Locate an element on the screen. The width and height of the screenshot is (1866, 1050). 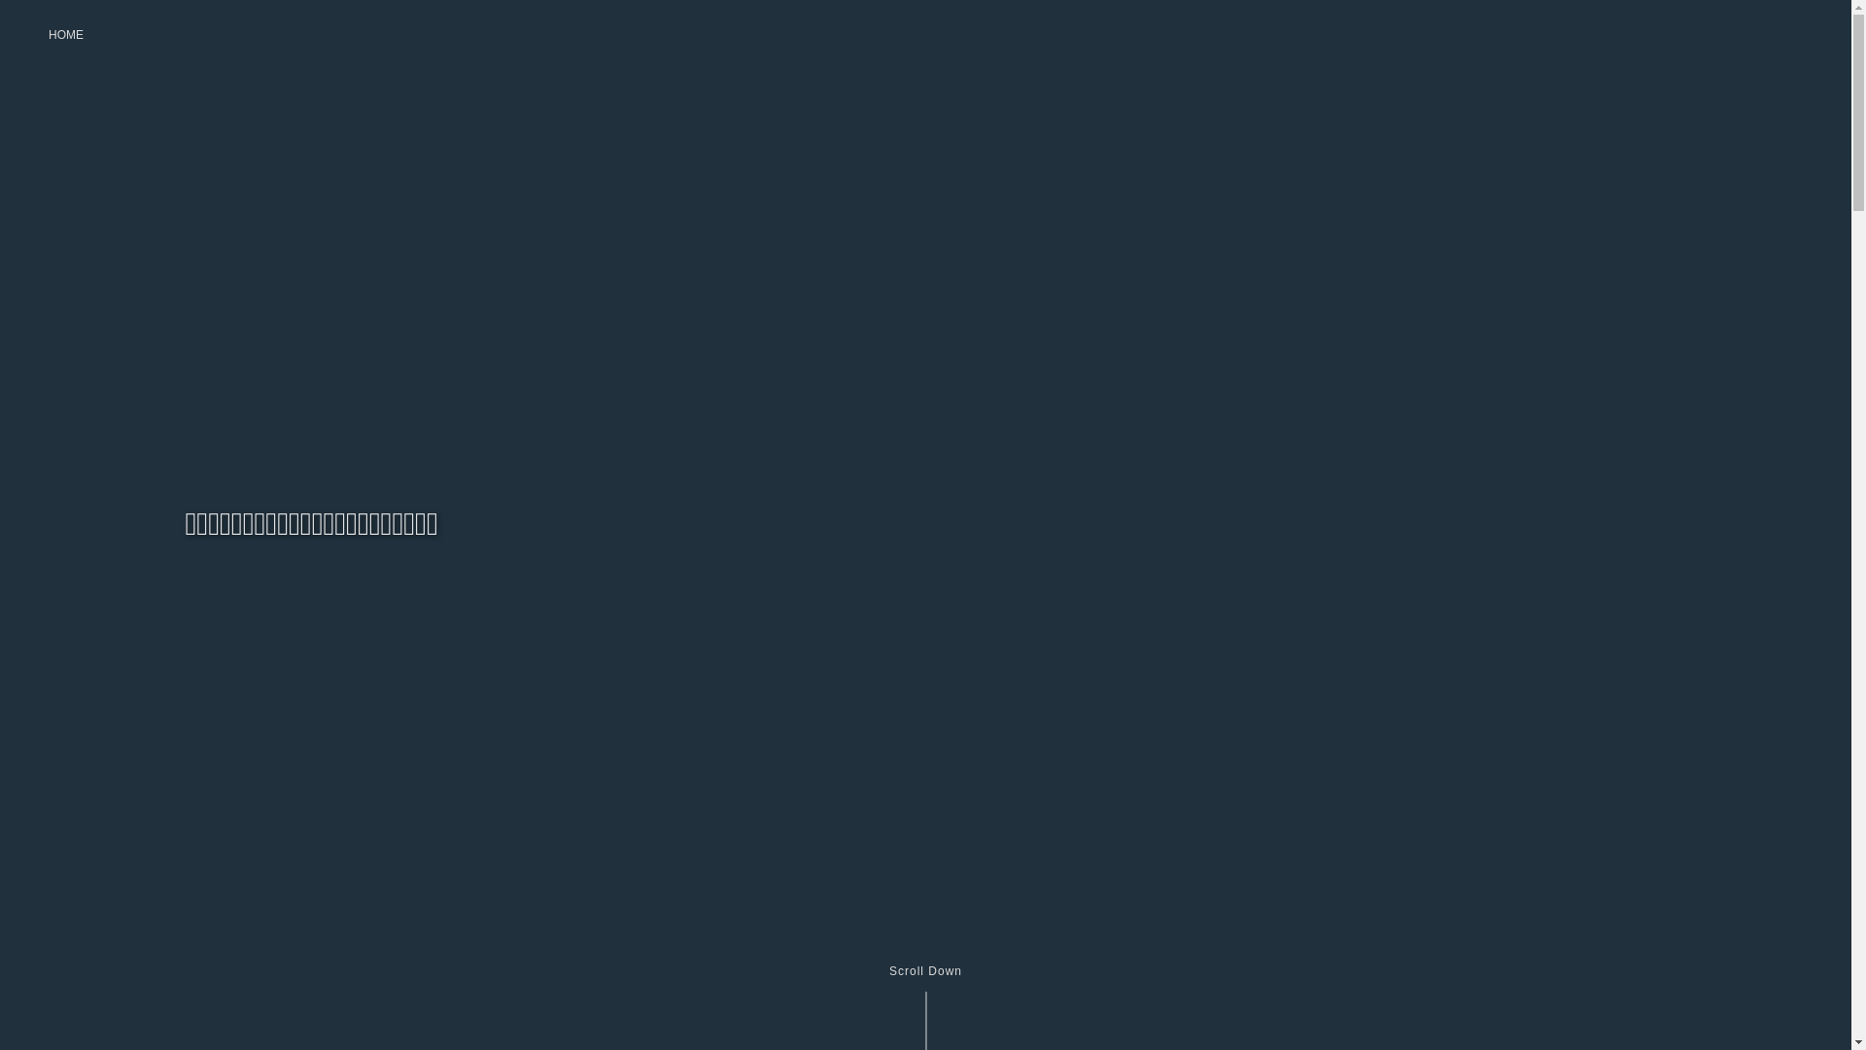
'HOME' is located at coordinates (65, 34).